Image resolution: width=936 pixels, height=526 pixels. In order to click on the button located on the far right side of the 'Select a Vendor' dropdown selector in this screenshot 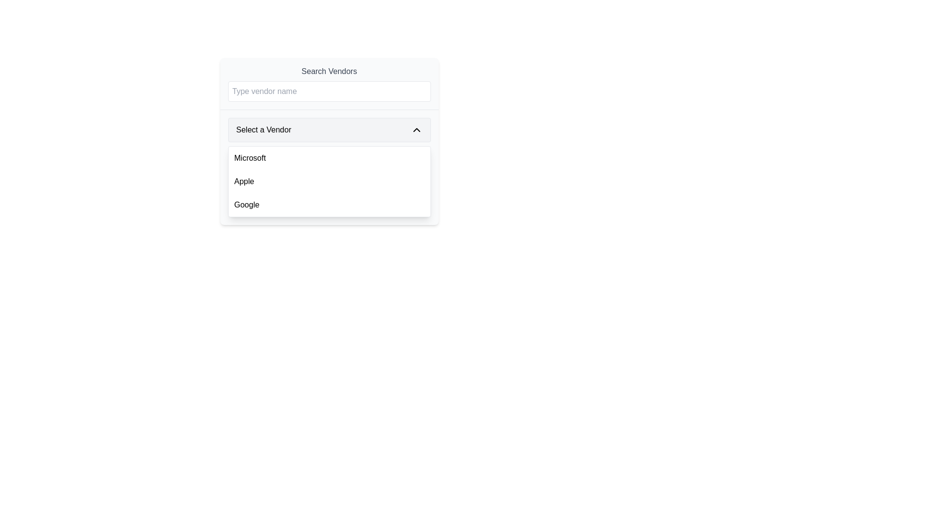, I will do `click(416, 129)`.